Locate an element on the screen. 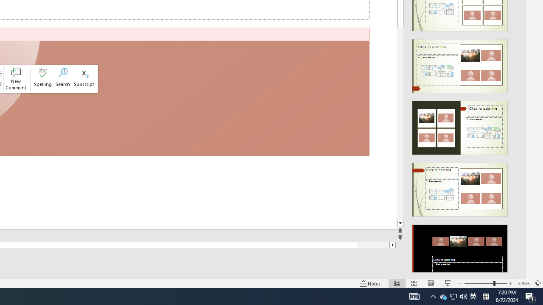 Image resolution: width=543 pixels, height=305 pixels. 'Spelling...' is located at coordinates (42, 79).